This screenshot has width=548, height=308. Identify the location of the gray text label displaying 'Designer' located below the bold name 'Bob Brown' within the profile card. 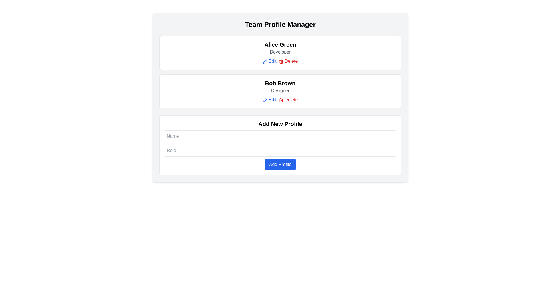
(280, 90).